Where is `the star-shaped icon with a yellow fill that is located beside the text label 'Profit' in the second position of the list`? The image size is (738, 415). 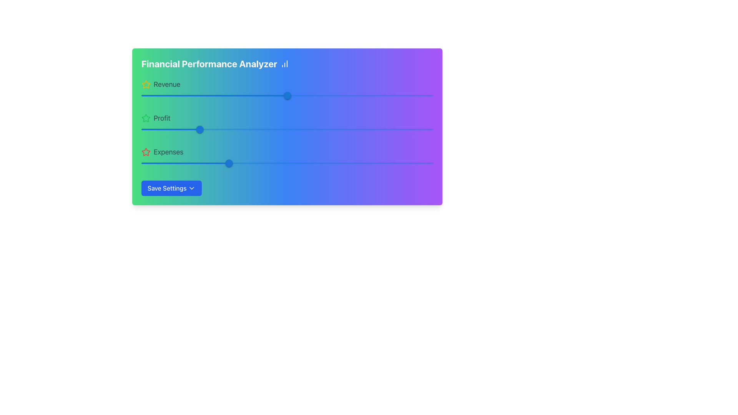
the star-shaped icon with a yellow fill that is located beside the text label 'Profit' in the second position of the list is located at coordinates (146, 84).